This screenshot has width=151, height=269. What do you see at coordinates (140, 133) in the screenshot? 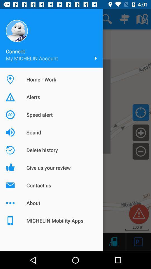
I see `the add icon` at bounding box center [140, 133].